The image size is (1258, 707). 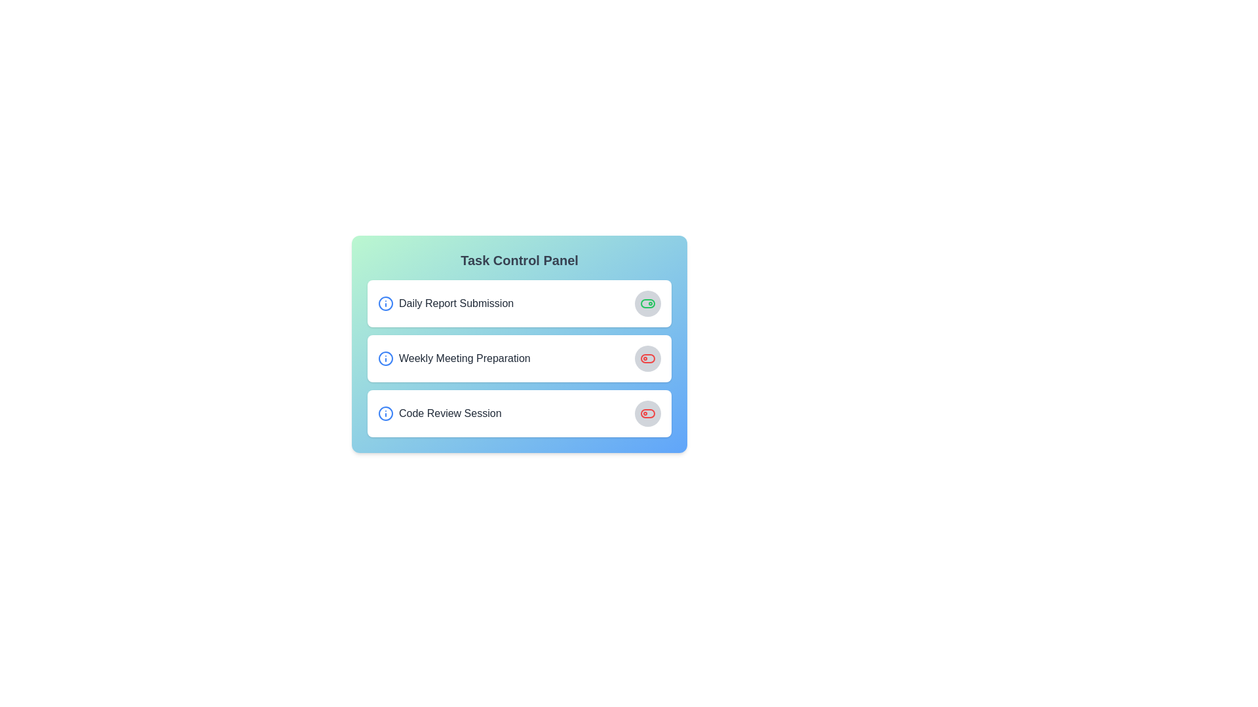 I want to click on the toggle switch on the 'Weekly Meeting Preparation' task card located in the central Task Control Panel, so click(x=518, y=343).